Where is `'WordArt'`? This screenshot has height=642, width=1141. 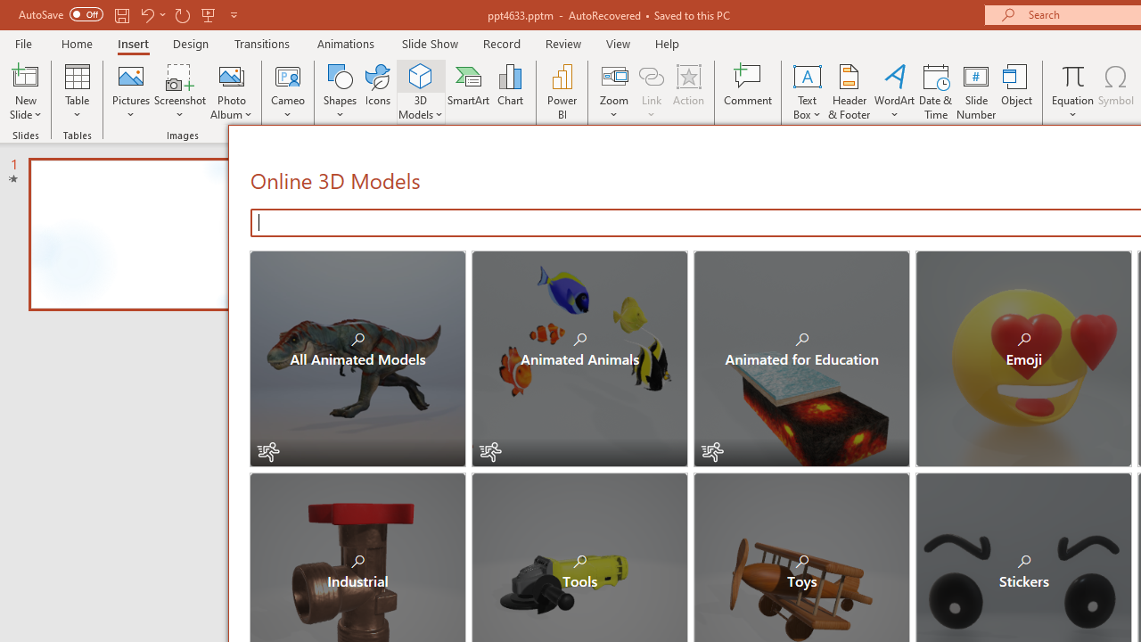
'WordArt' is located at coordinates (895, 92).